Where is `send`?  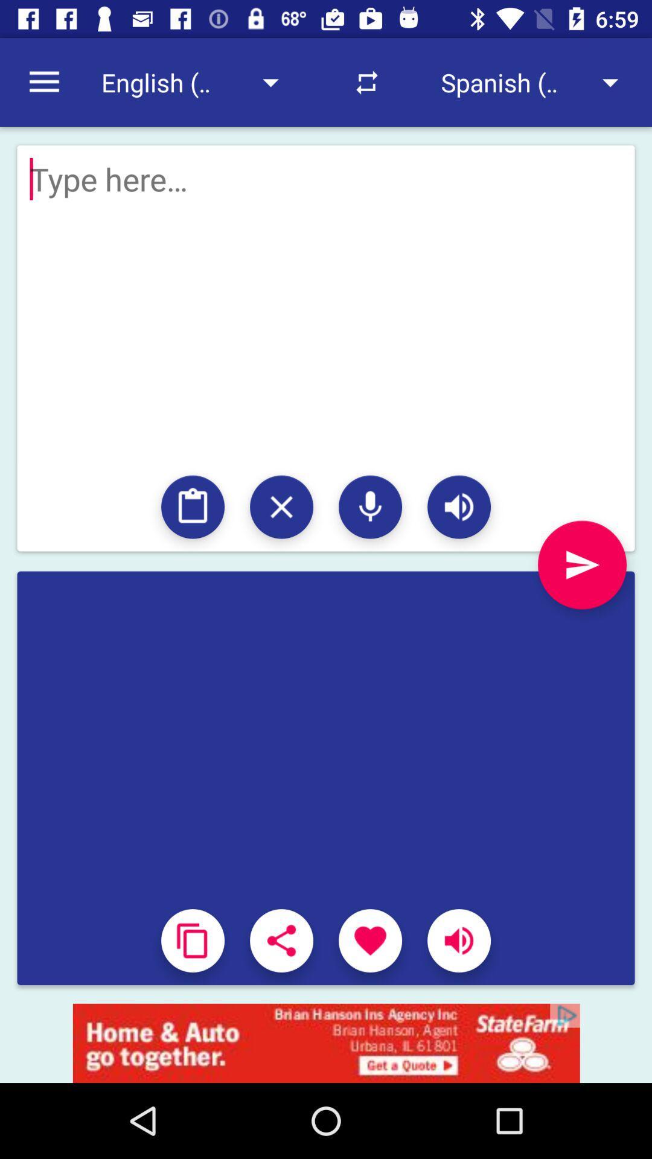
send is located at coordinates (326, 606).